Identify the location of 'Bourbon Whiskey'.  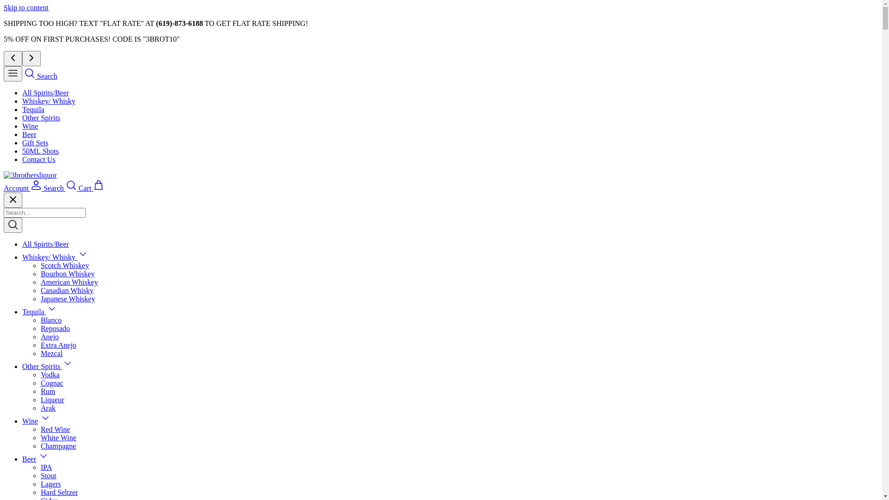
(67, 273).